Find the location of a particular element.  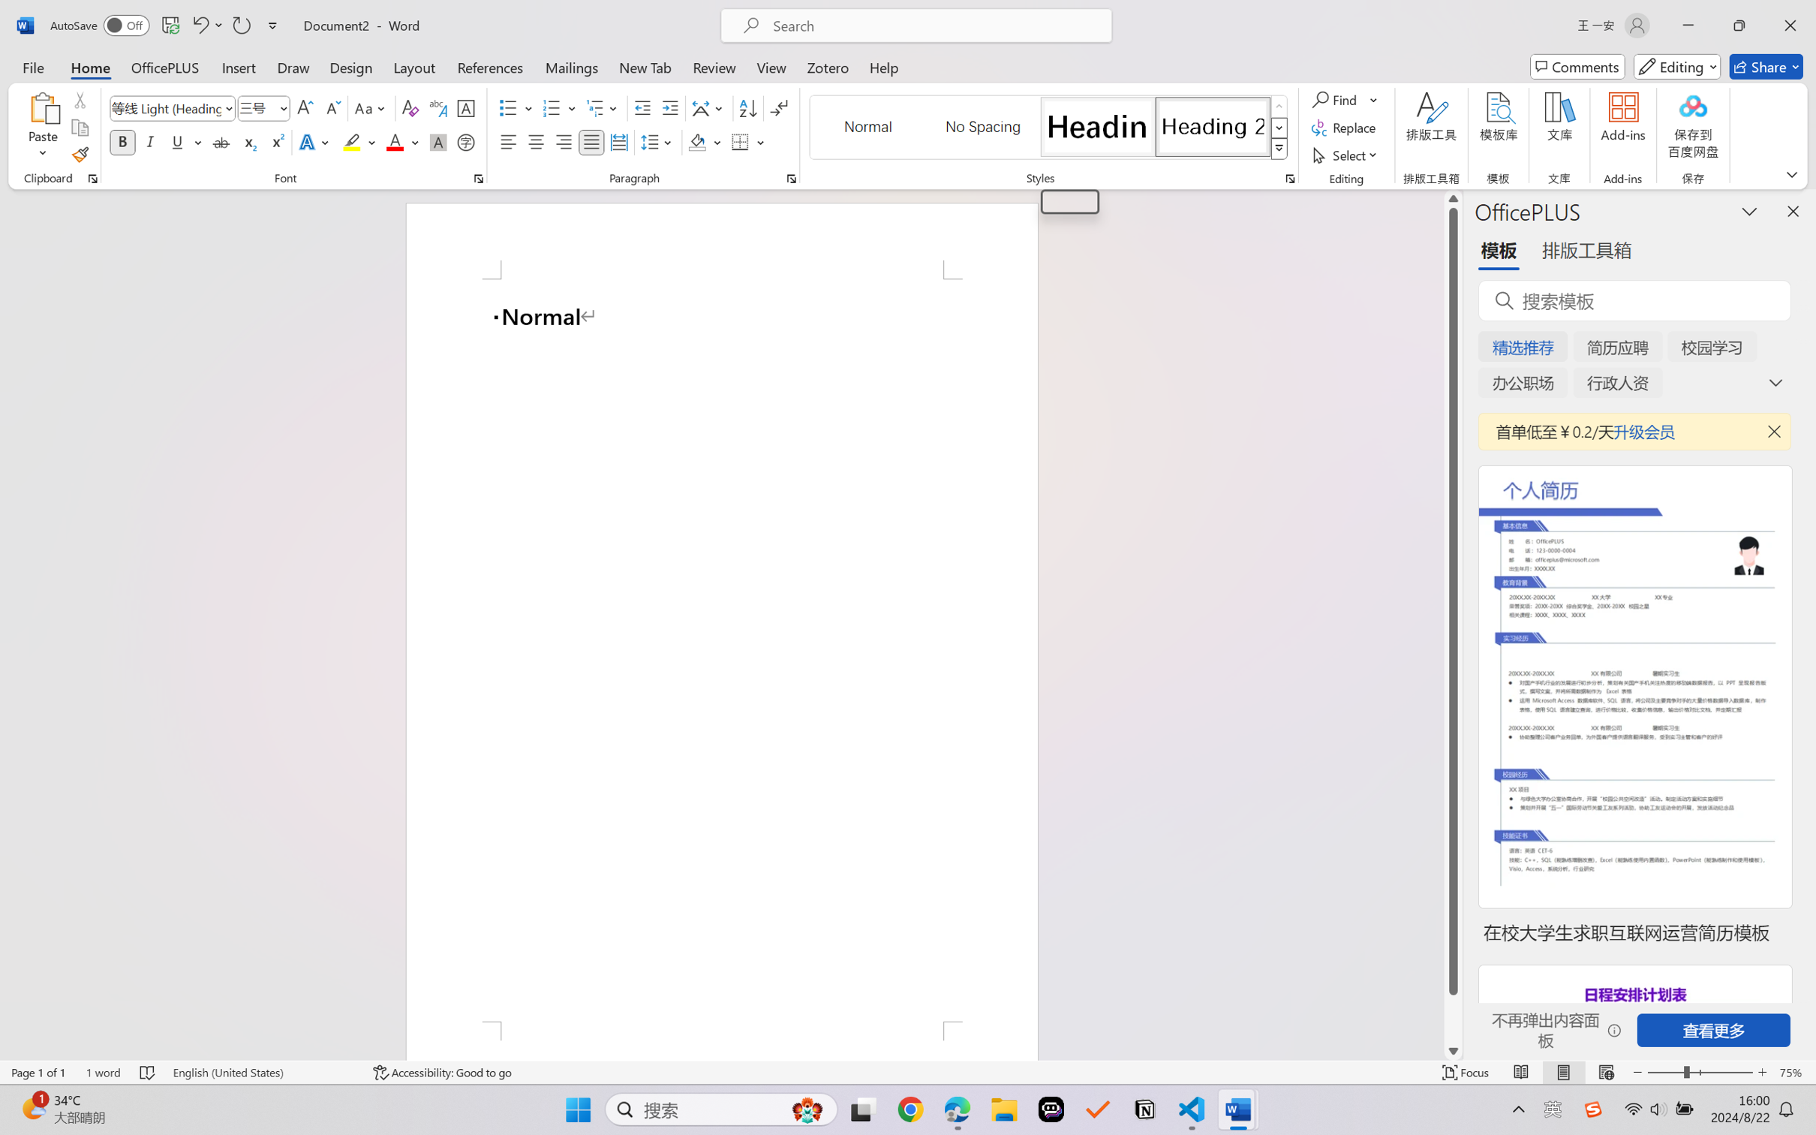

'Close' is located at coordinates (1790, 25).